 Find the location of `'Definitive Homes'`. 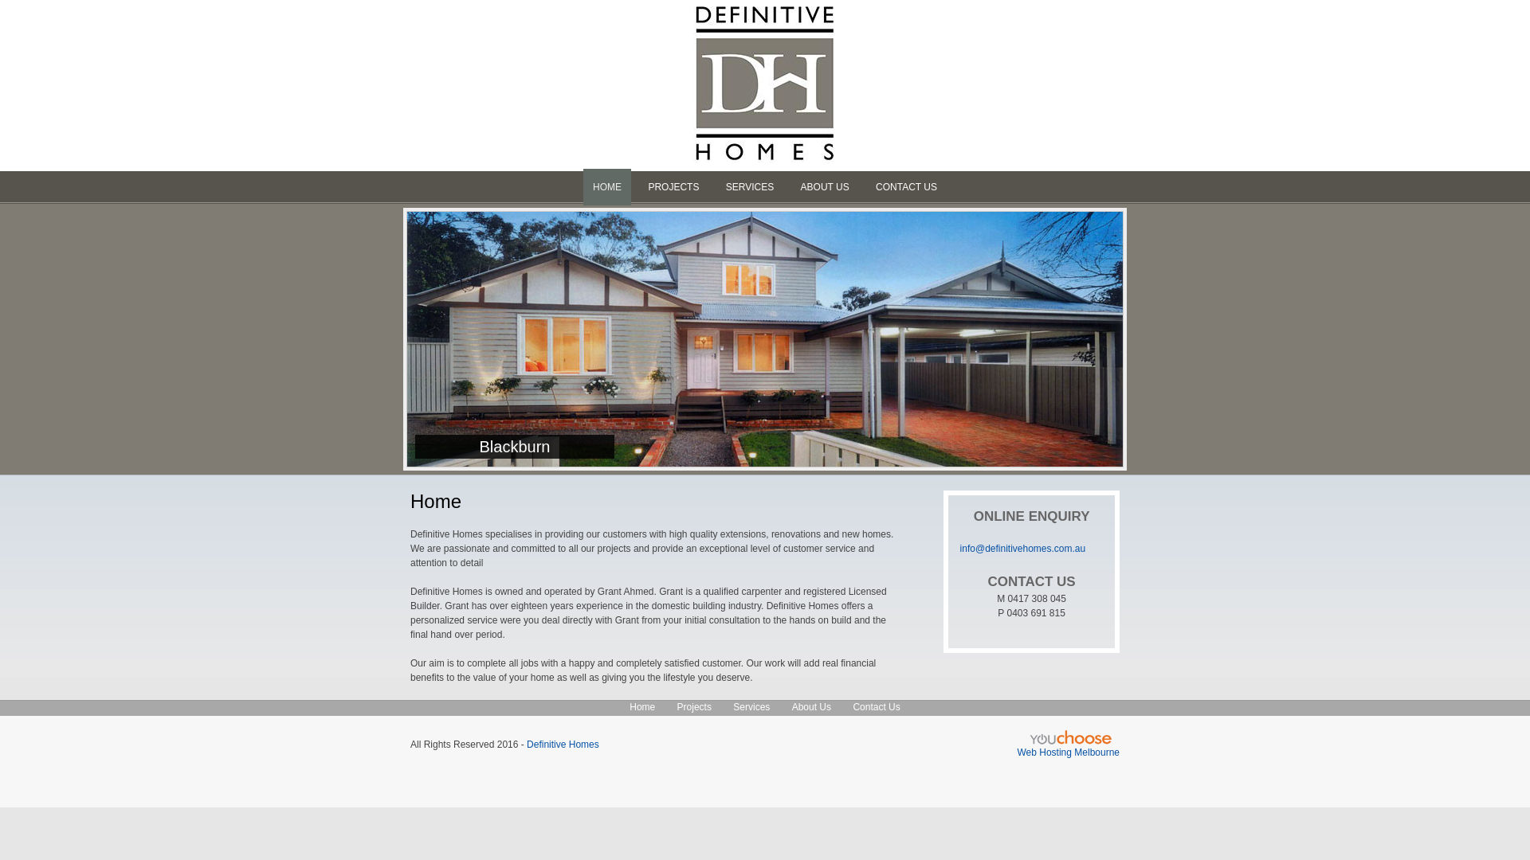

'Definitive Homes' is located at coordinates (563, 744).